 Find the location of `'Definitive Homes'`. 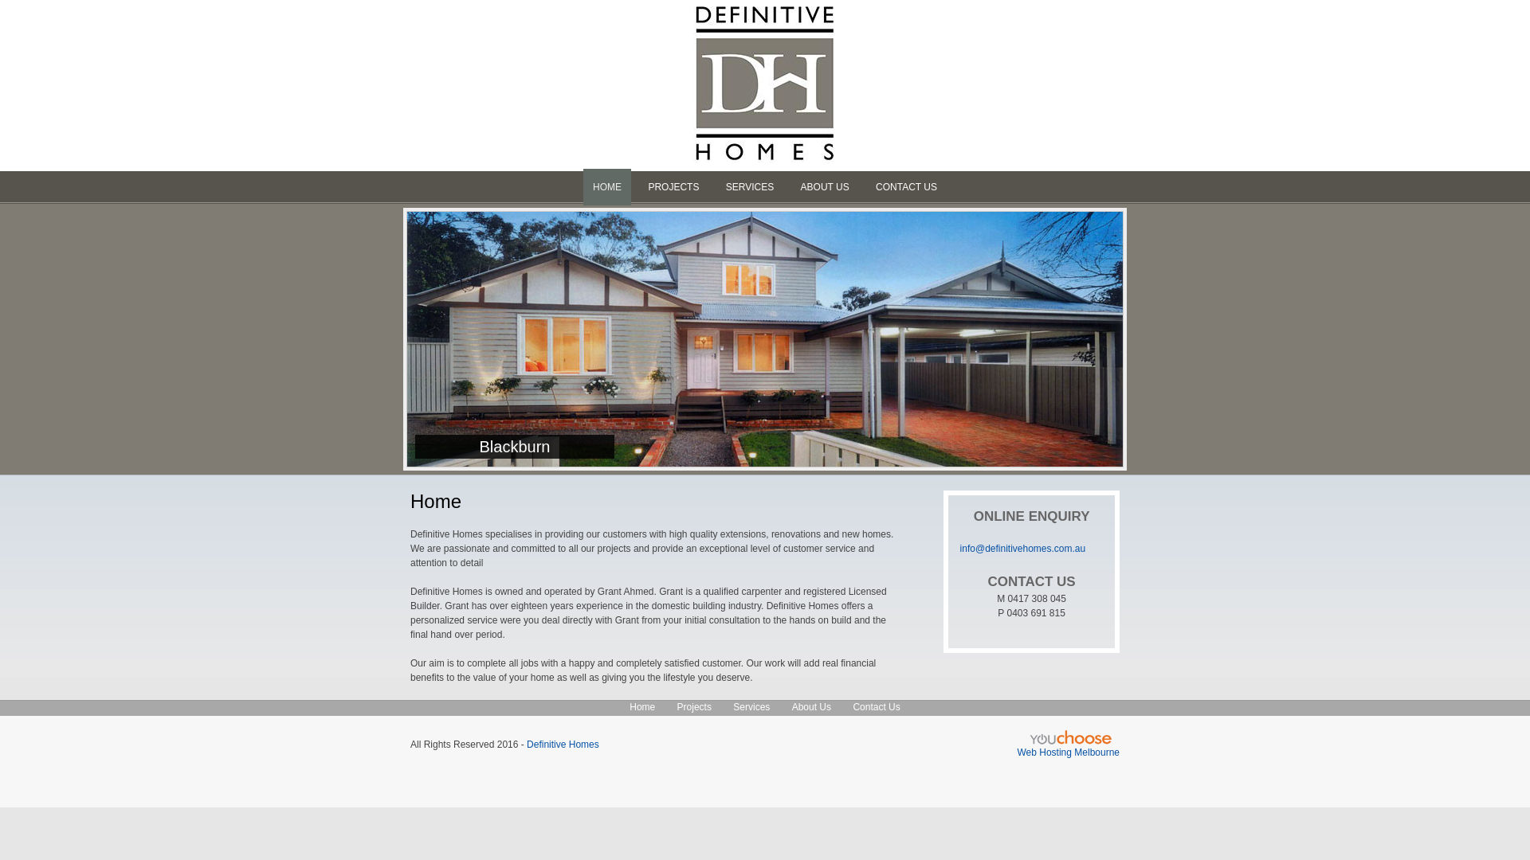

'Definitive Homes' is located at coordinates (563, 744).